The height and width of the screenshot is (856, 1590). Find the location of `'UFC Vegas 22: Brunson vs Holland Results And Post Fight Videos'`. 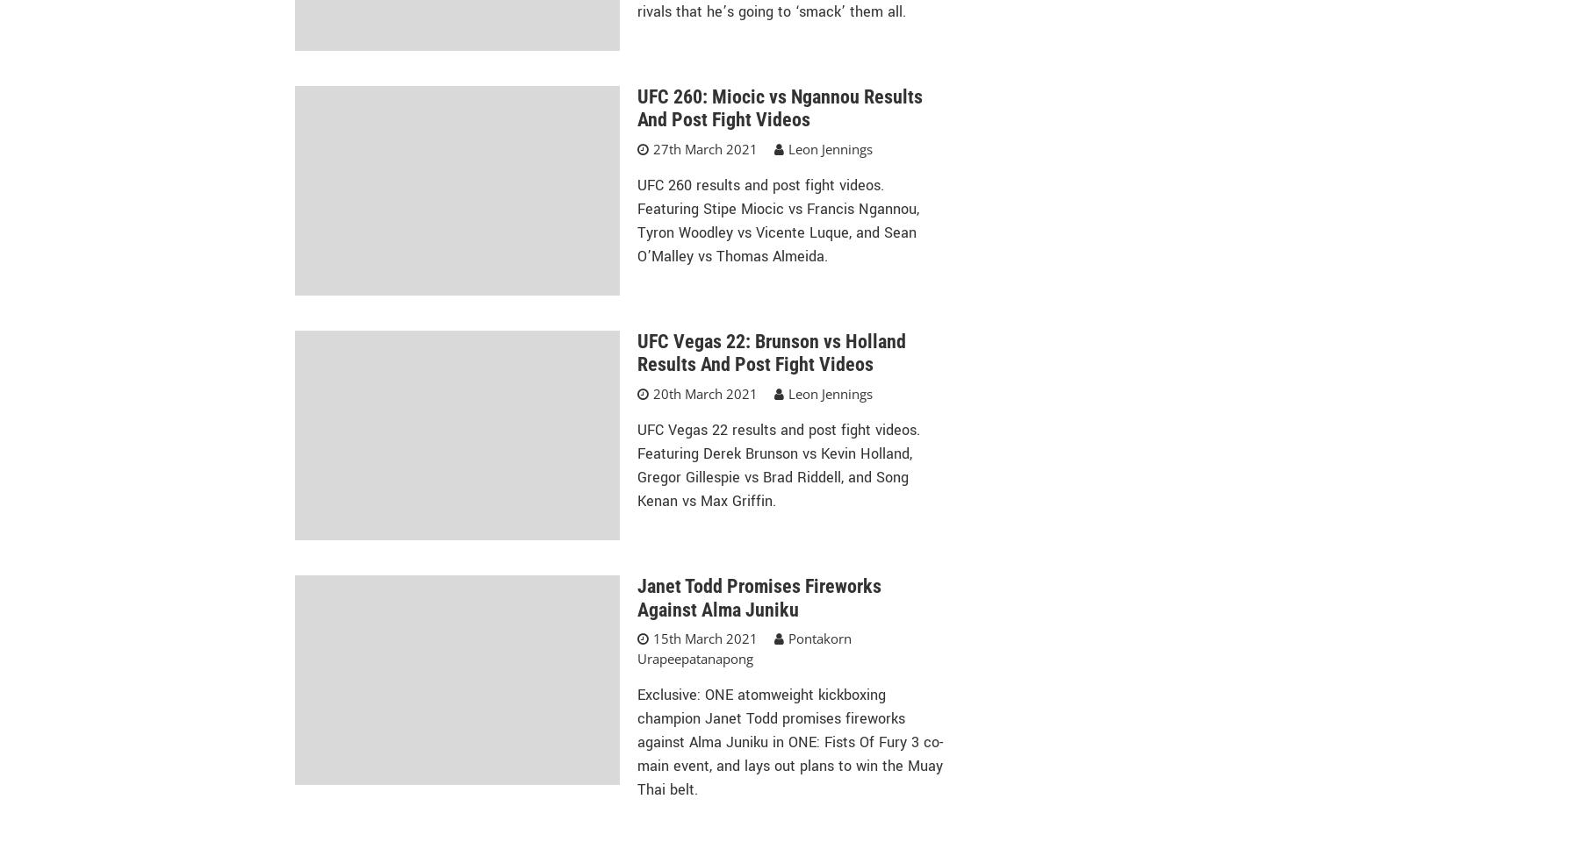

'UFC Vegas 22: Brunson vs Holland Results And Post Fight Videos' is located at coordinates (770, 352).